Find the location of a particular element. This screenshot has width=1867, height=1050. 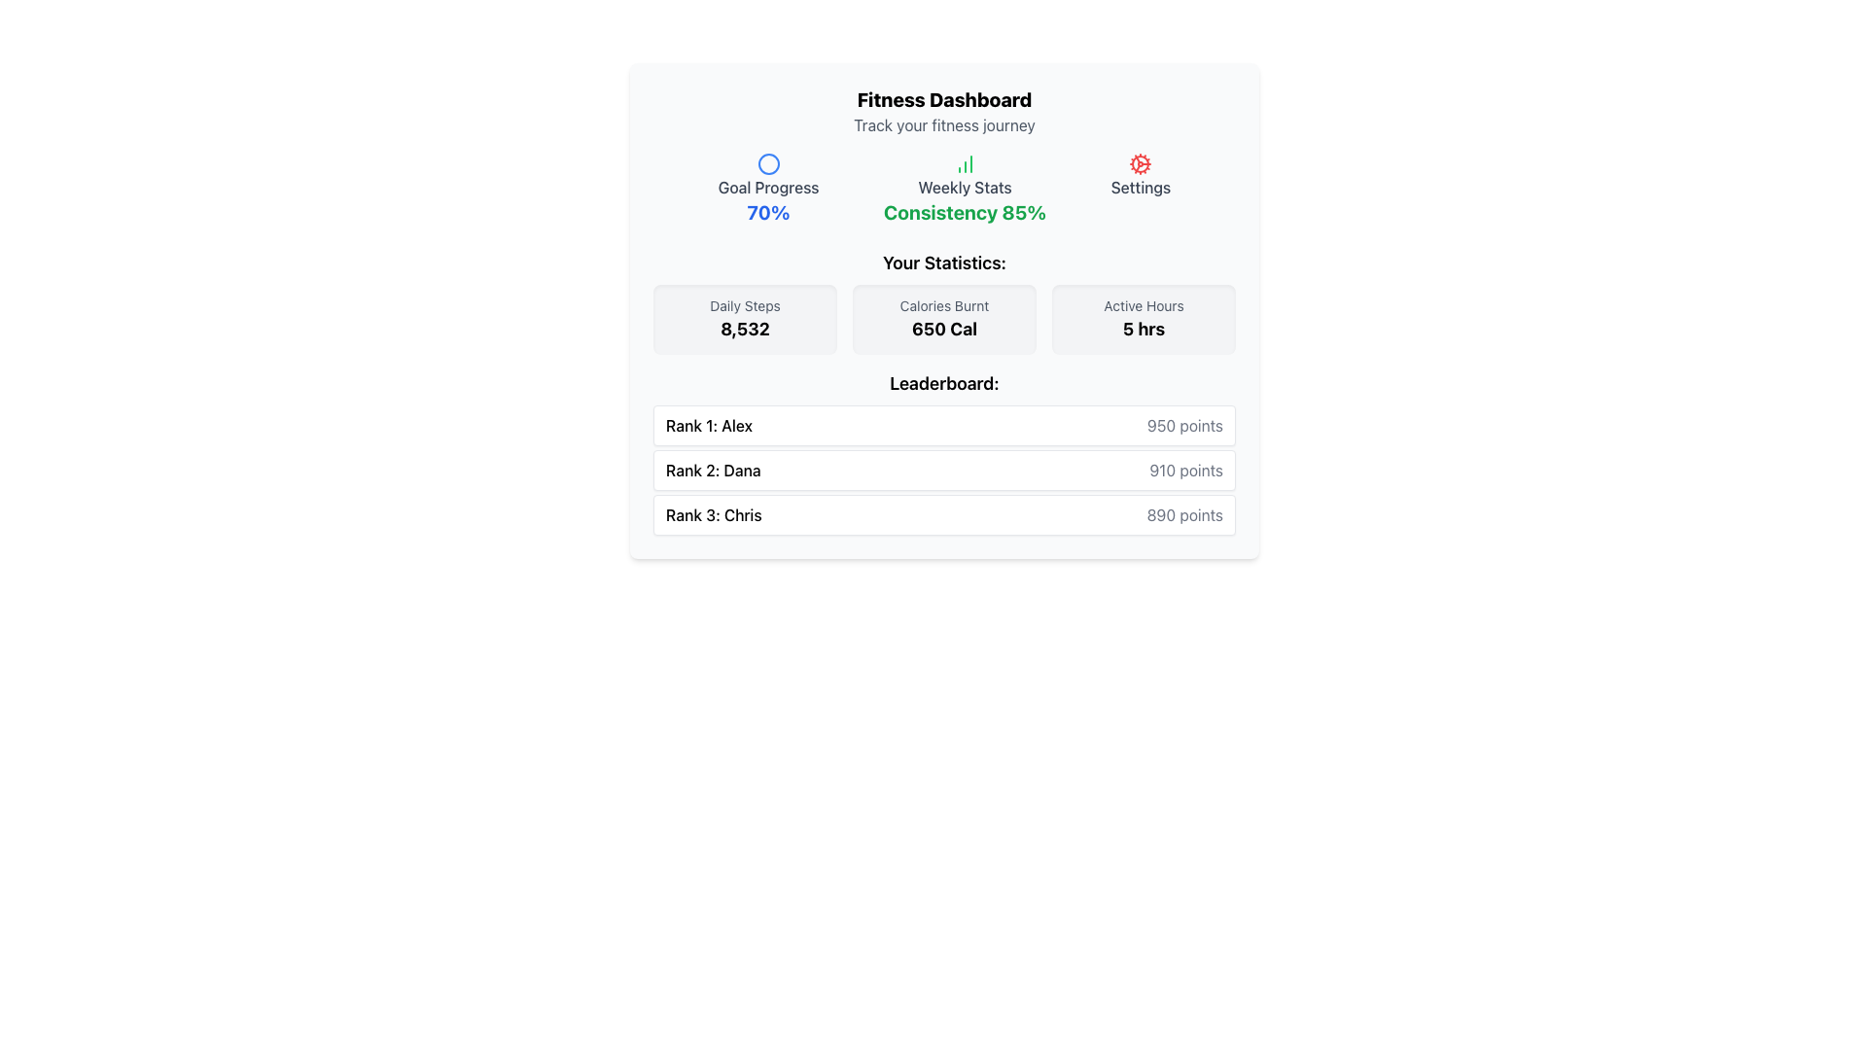

the score text displaying '910 points' for user Dana in the ranked leaderboard, which is positioned to the right of 'Rank 2: Dana' is located at coordinates (1185, 470).